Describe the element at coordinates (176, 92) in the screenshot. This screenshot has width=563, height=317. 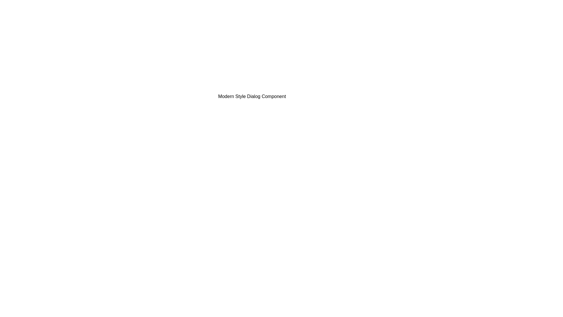
I see `the word Style in the text 'Modern Style Dialog Component'` at that location.